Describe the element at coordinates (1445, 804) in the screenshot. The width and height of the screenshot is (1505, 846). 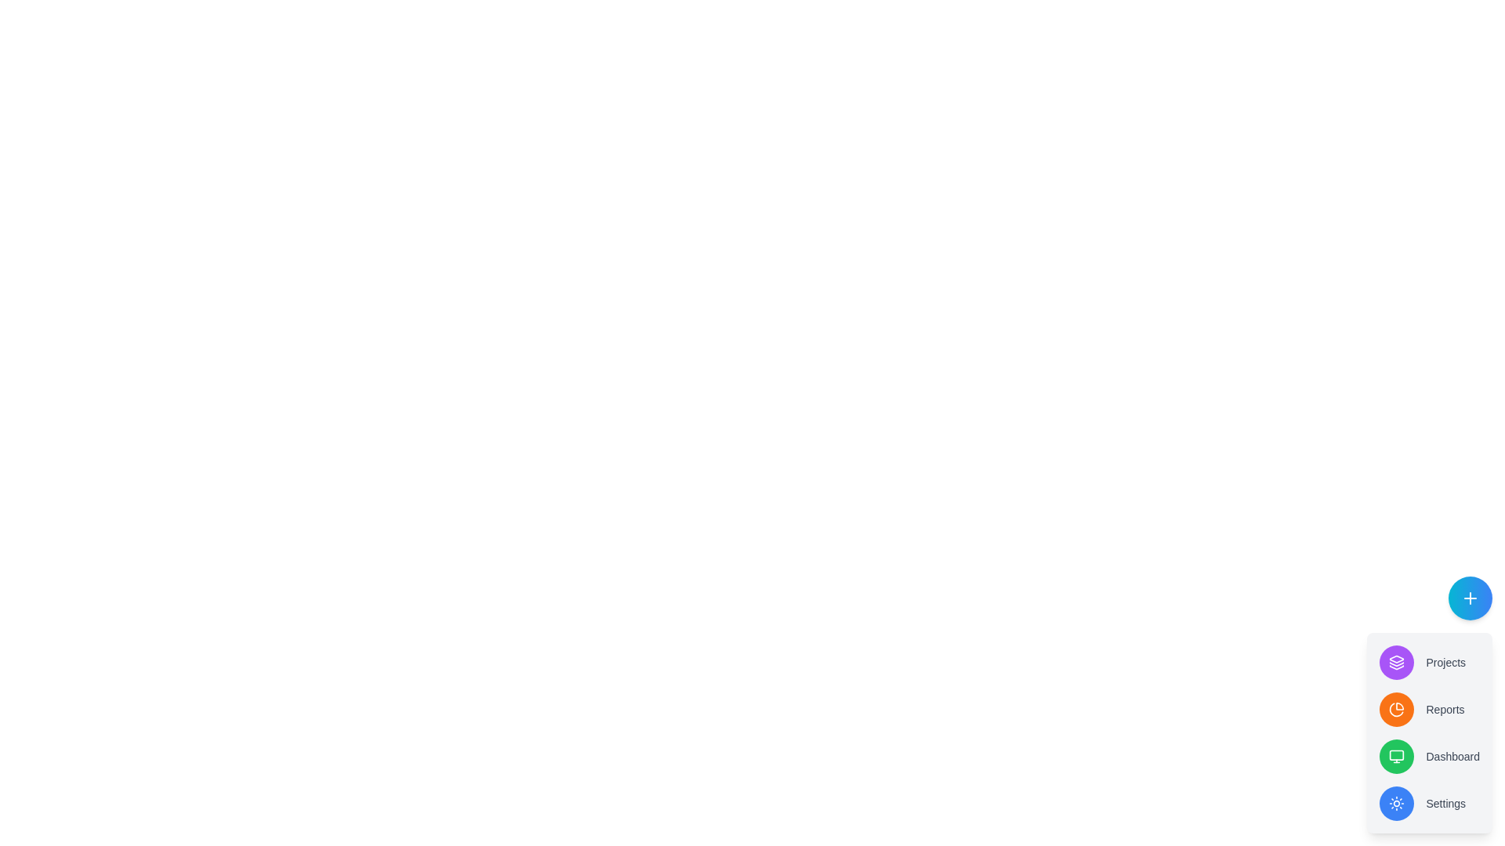
I see `the 'Settings' text label which is the last item in a vertical list of menu items on the right side of the interface` at that location.